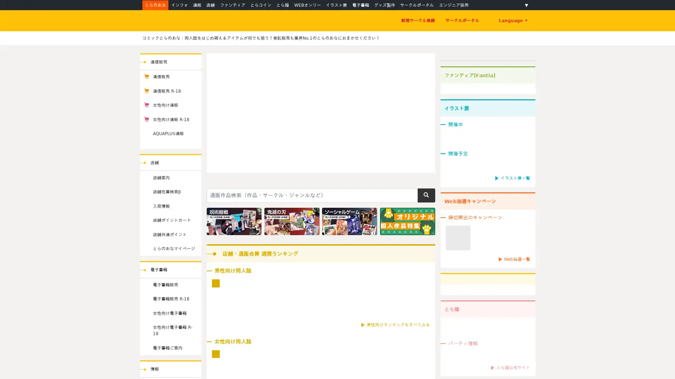 Image resolution: width=675 pixels, height=379 pixels. What do you see at coordinates (217, 110) in the screenshot?
I see `Previous` at bounding box center [217, 110].